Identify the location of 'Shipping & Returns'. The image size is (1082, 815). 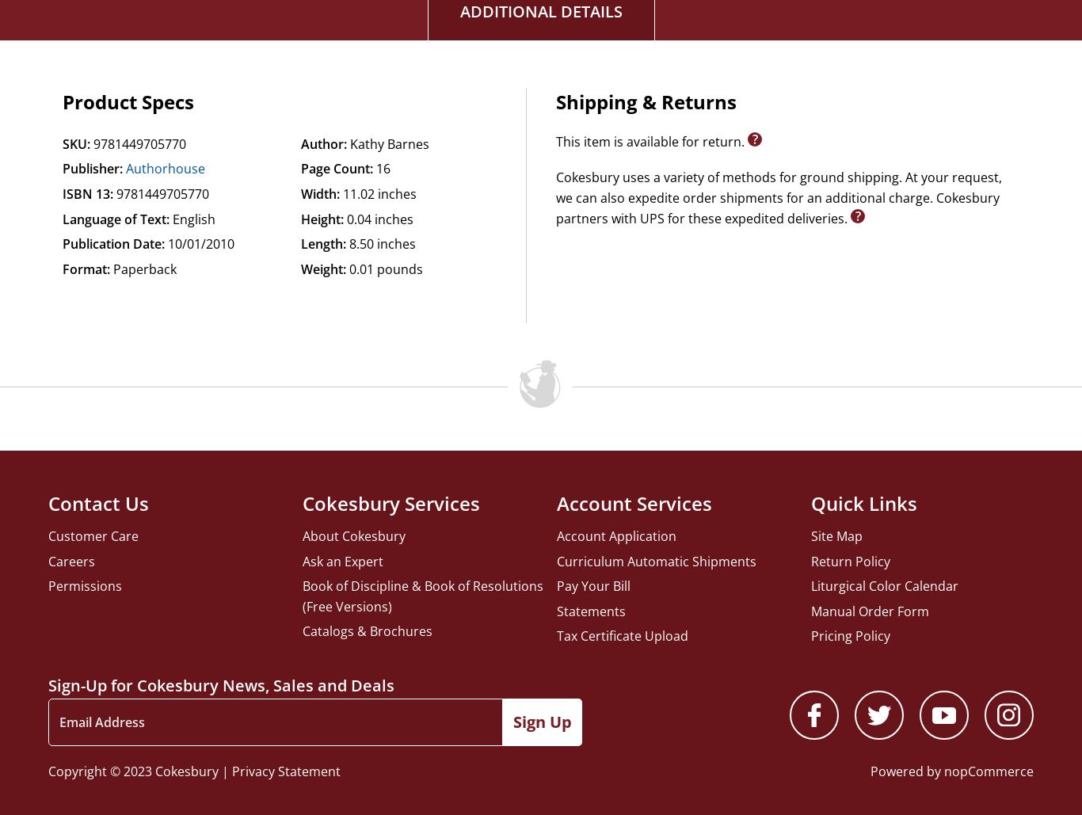
(644, 100).